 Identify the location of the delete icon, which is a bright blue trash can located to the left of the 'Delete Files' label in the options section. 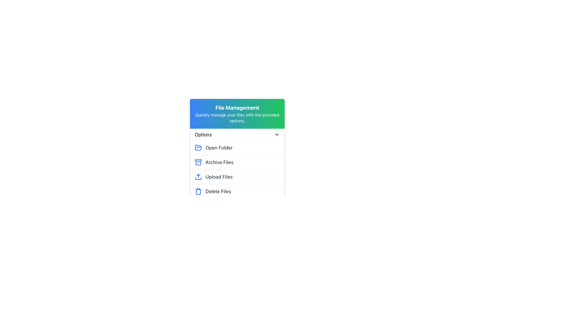
(198, 191).